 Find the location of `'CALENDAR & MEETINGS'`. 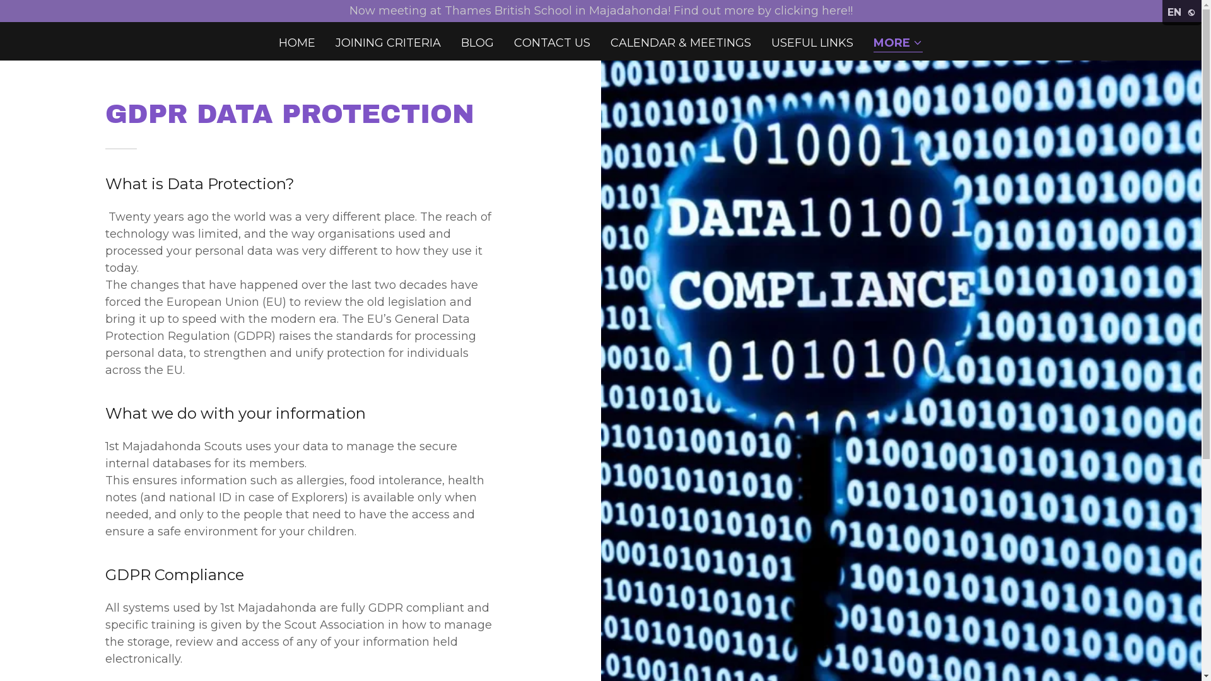

'CALENDAR & MEETINGS' is located at coordinates (680, 42).